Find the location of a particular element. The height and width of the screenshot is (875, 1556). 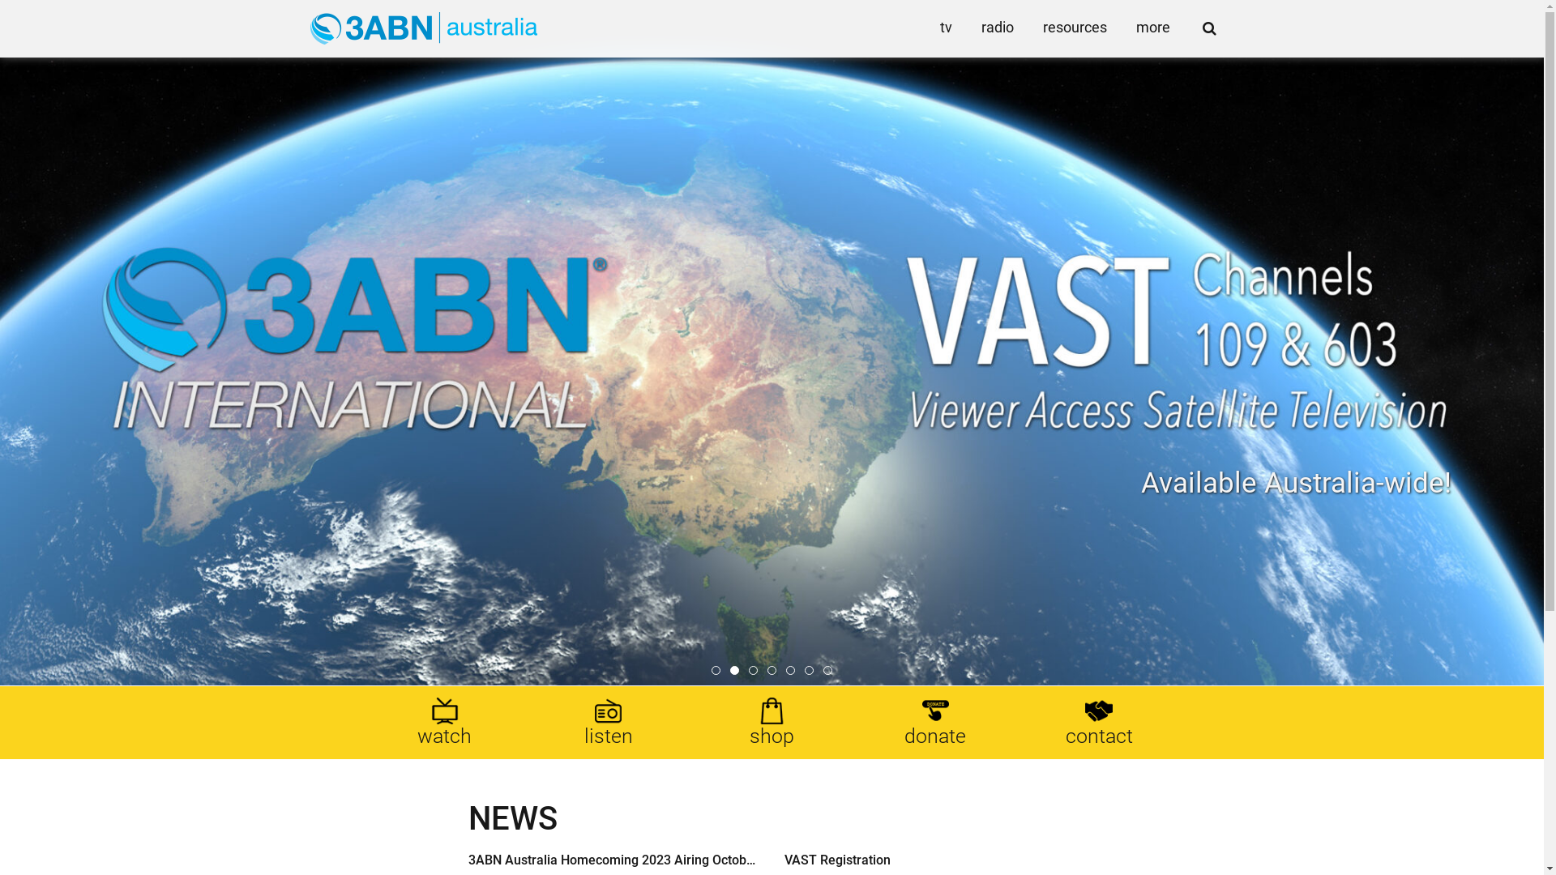

'Go to Home' is located at coordinates (423, 28).